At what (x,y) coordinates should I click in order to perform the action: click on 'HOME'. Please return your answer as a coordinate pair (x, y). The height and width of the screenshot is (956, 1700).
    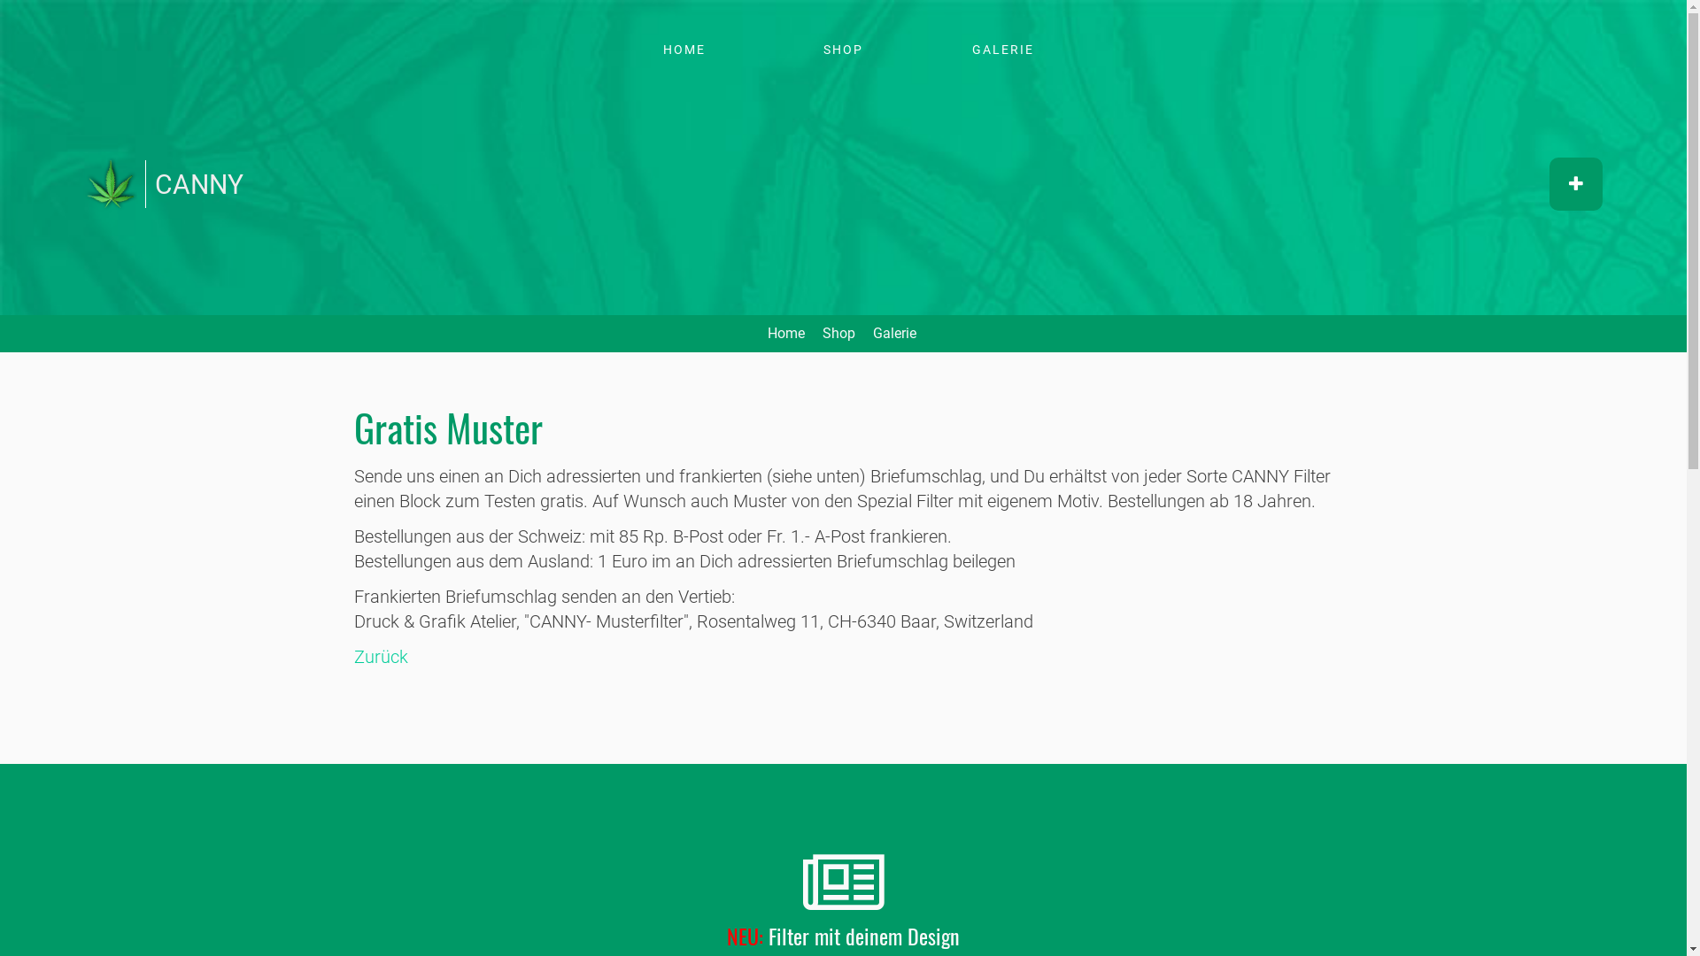
    Looking at the image, I should click on (683, 49).